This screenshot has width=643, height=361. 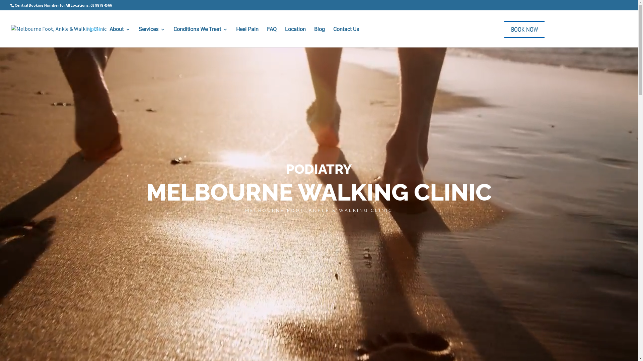 I want to click on 'Blog', so click(x=319, y=36).